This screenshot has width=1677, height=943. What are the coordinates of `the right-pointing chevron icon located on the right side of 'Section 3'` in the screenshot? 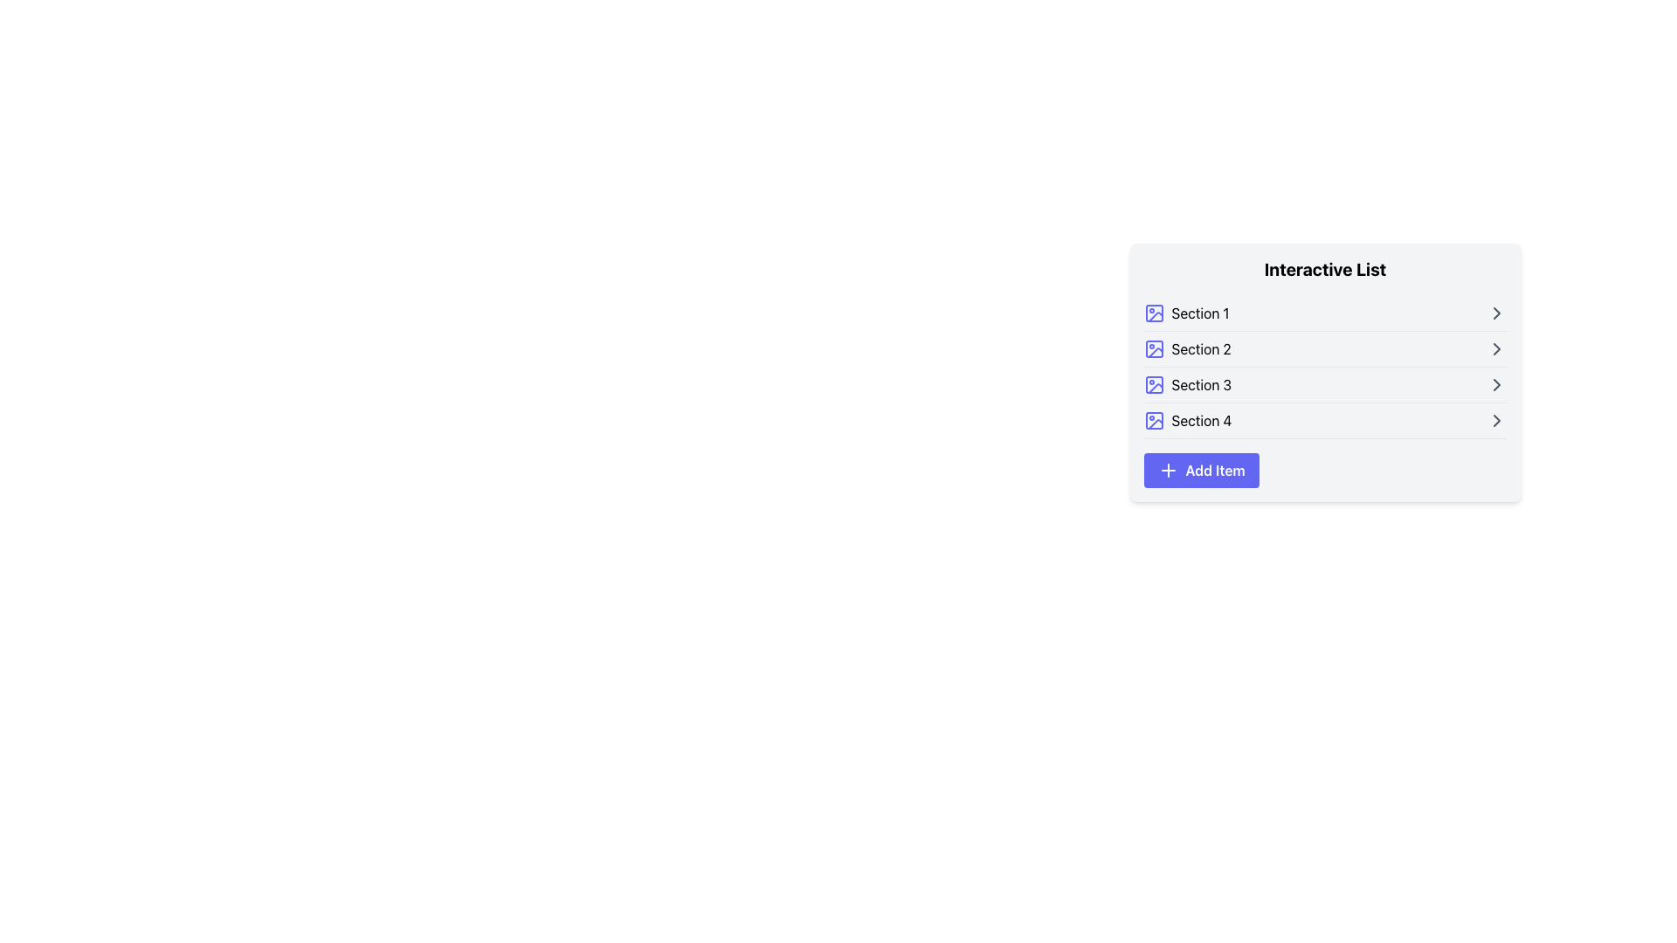 It's located at (1495, 383).